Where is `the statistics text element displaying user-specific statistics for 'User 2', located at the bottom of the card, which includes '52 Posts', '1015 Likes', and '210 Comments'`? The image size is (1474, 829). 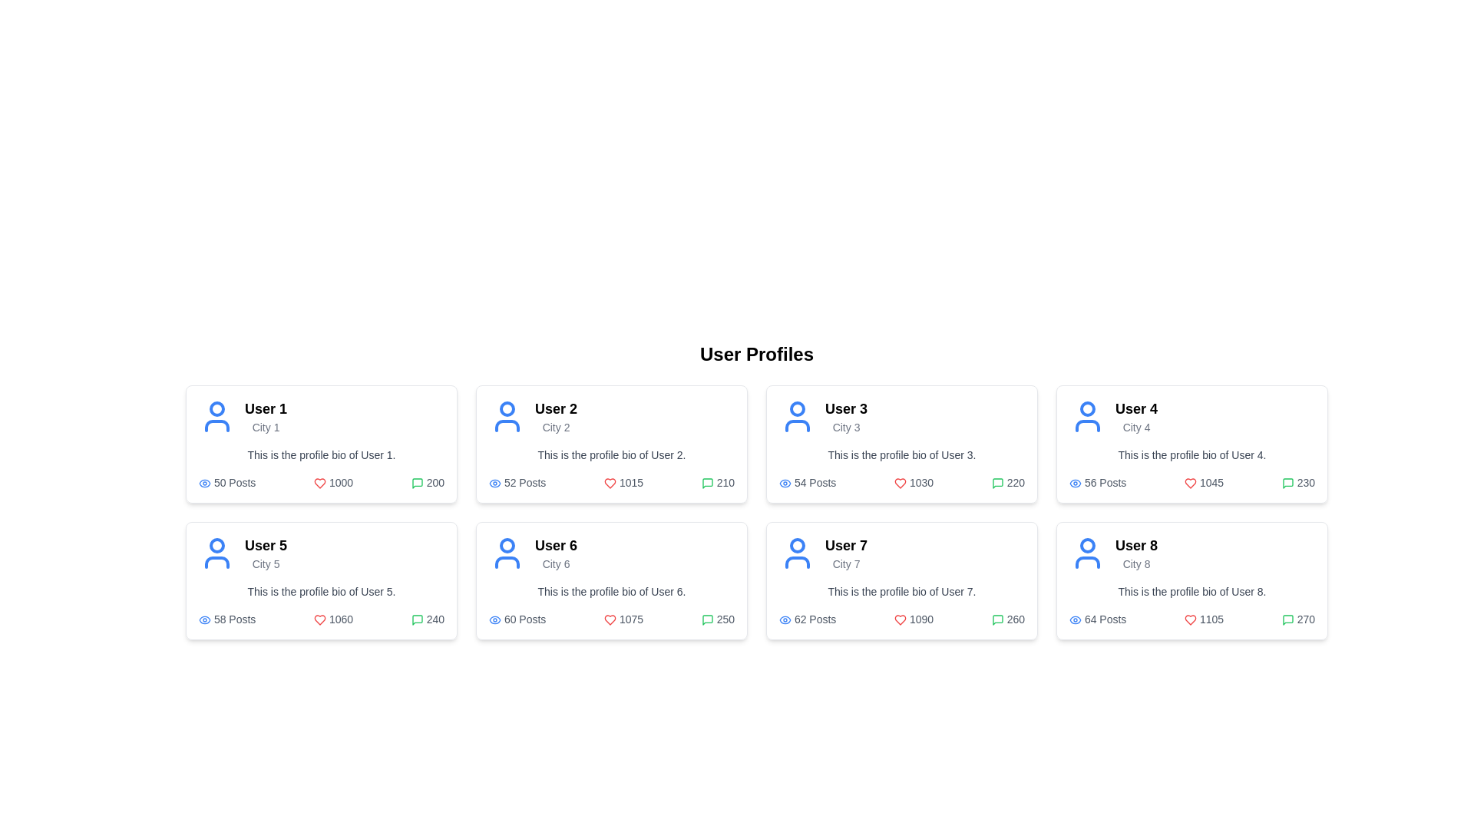 the statistics text element displaying user-specific statistics for 'User 2', located at the bottom of the card, which includes '52 Posts', '1015 Likes', and '210 Comments' is located at coordinates (610, 481).